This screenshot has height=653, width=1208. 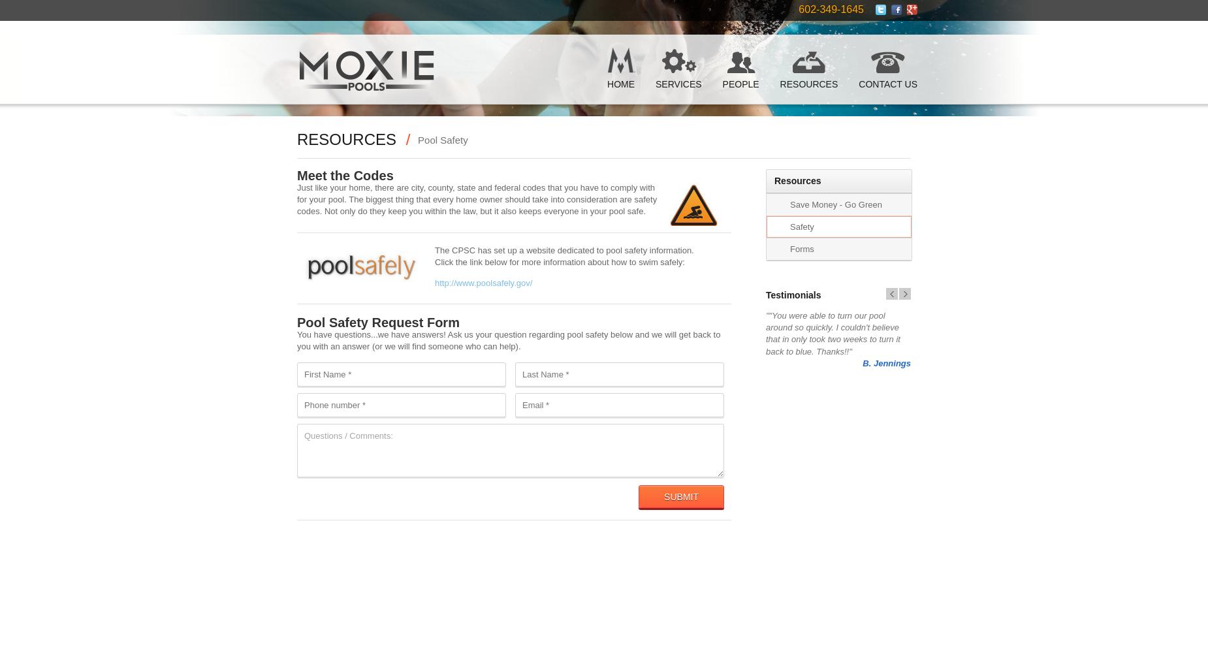 I want to click on 'Forms', so click(x=801, y=249).